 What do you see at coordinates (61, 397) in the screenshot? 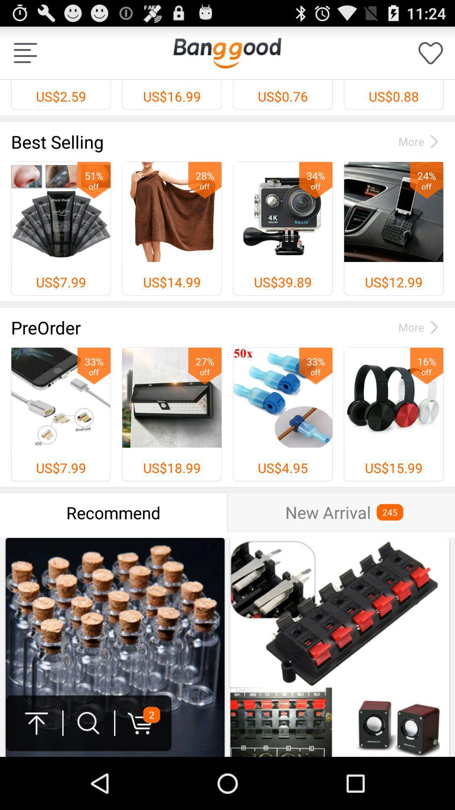
I see `the first image below the preorder` at bounding box center [61, 397].